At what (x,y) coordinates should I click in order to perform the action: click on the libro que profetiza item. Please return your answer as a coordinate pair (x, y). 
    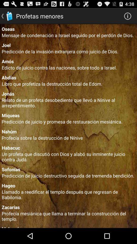
    Looking at the image, I should click on (68, 84).